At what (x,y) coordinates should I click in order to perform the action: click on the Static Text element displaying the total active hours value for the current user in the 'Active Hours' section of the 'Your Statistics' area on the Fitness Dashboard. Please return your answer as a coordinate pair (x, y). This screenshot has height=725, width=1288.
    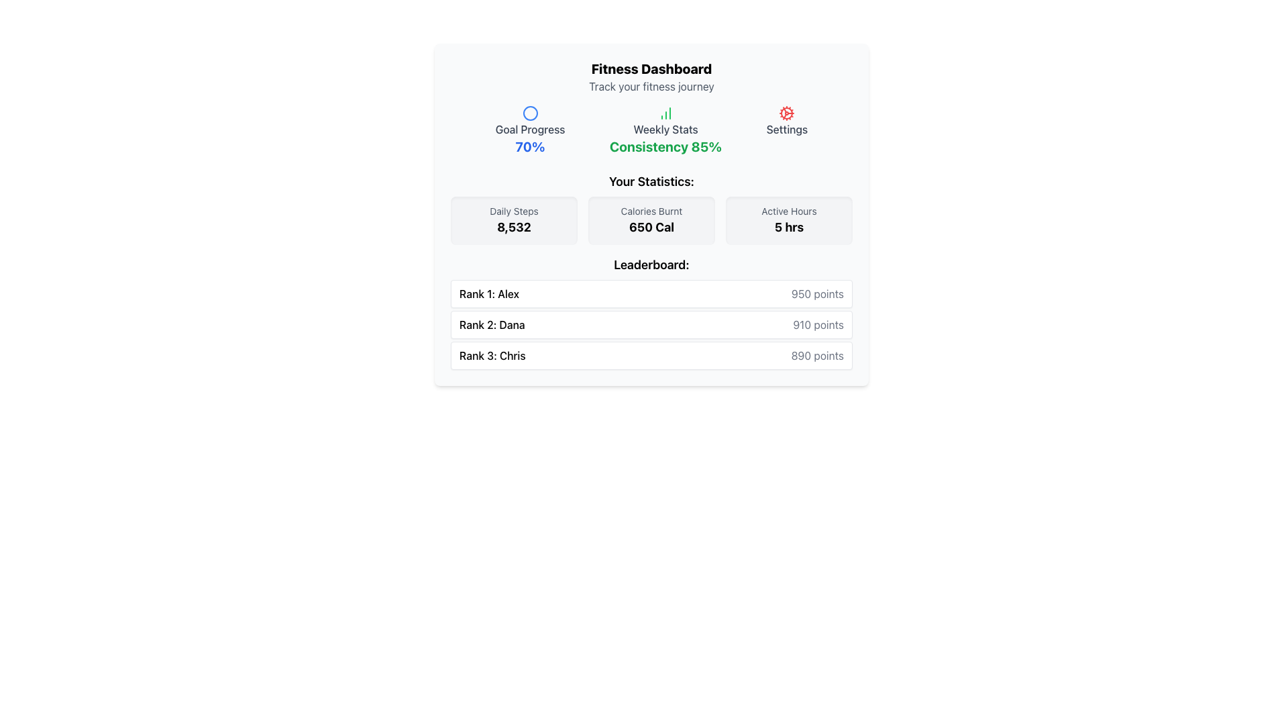
    Looking at the image, I should click on (789, 227).